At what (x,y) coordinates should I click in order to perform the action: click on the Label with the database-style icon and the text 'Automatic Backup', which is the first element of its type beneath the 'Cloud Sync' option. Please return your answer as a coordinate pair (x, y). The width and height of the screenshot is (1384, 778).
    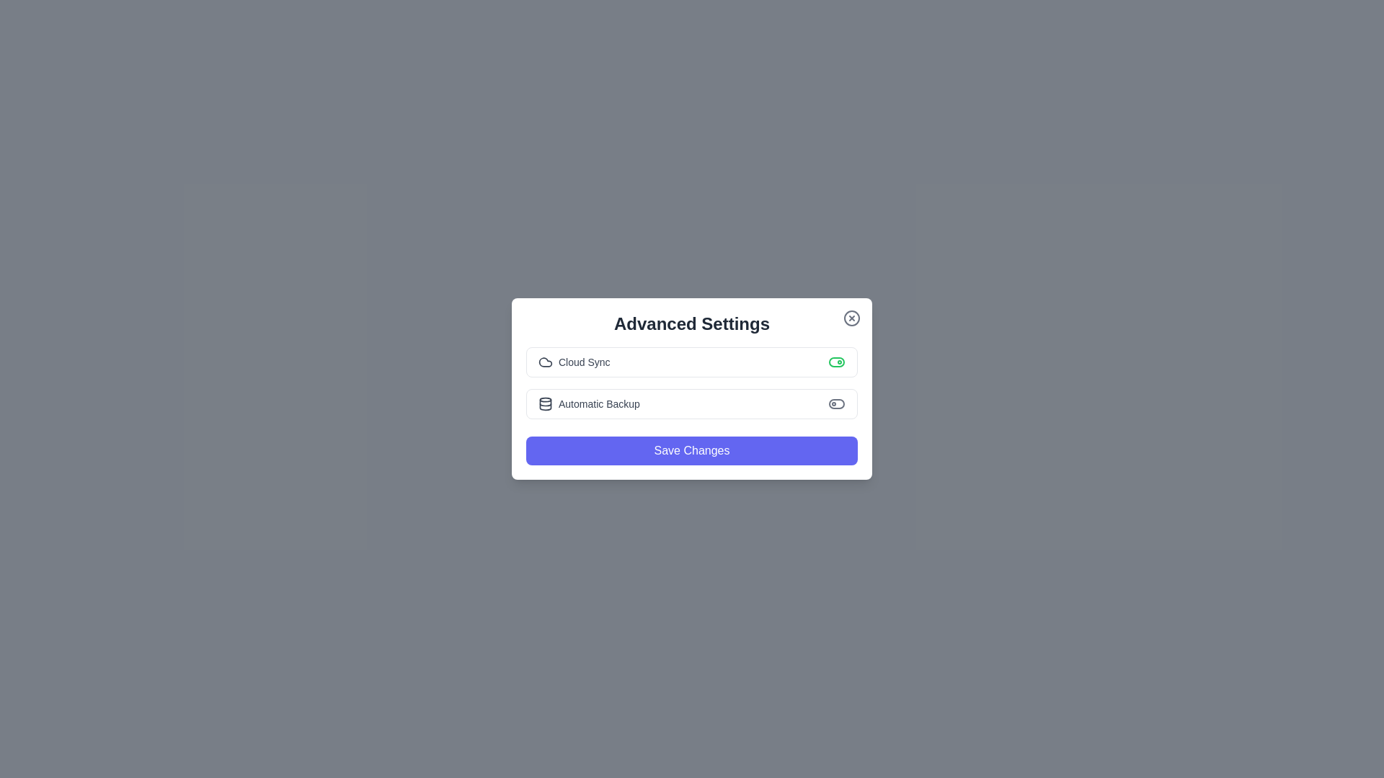
    Looking at the image, I should click on (589, 403).